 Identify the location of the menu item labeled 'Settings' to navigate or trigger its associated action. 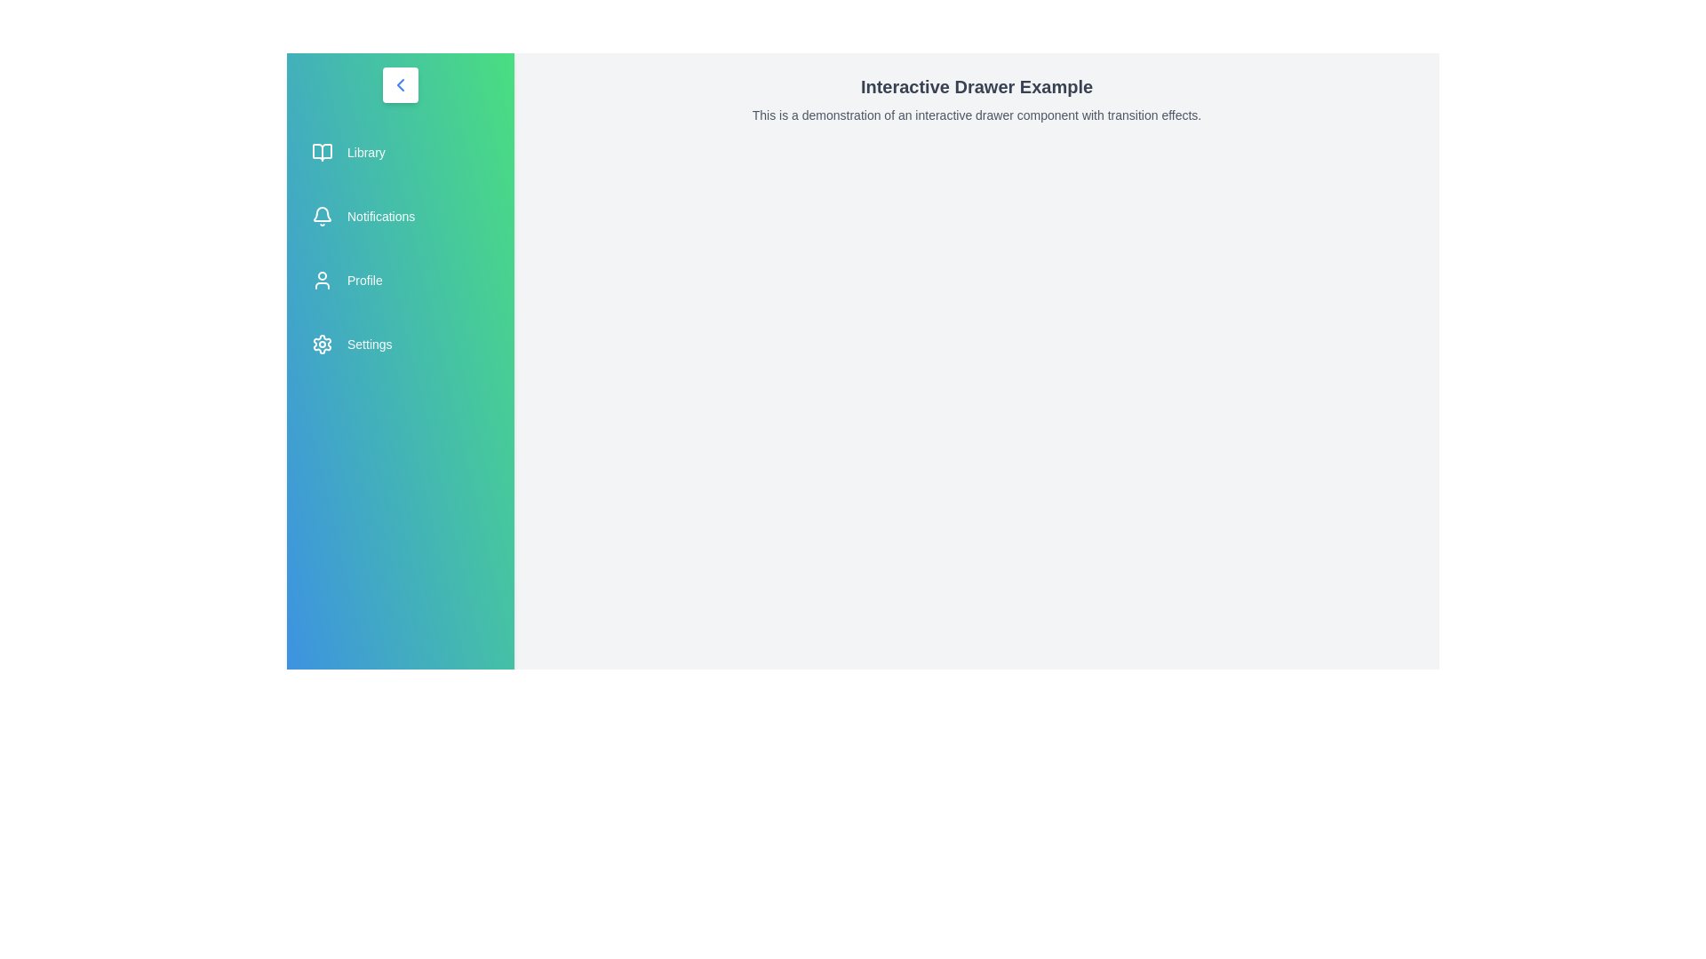
(400, 345).